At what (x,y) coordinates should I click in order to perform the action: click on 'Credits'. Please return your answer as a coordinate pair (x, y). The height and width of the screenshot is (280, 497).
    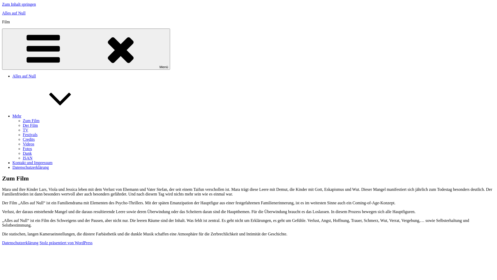
    Looking at the image, I should click on (28, 139).